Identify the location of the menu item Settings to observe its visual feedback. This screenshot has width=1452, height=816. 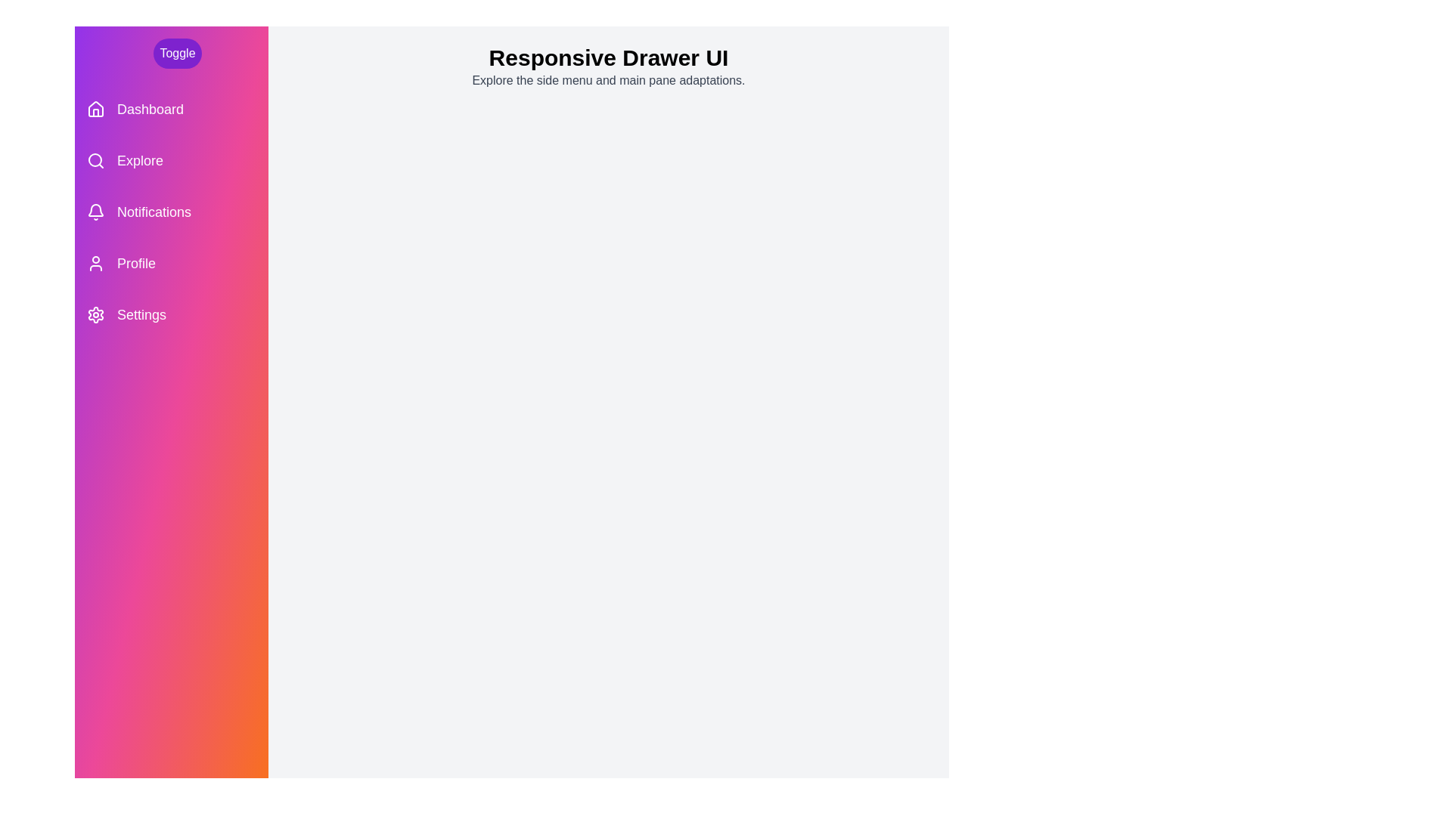
(171, 314).